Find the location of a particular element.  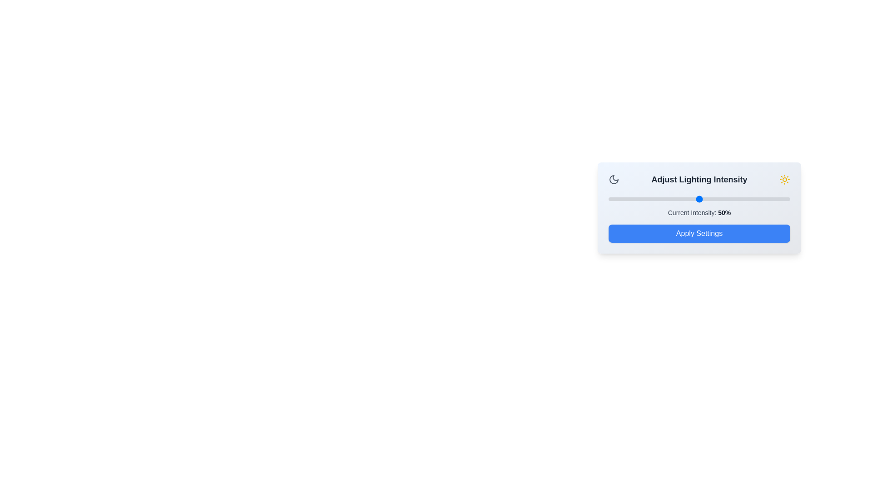

the moon icon for interaction is located at coordinates (614, 180).